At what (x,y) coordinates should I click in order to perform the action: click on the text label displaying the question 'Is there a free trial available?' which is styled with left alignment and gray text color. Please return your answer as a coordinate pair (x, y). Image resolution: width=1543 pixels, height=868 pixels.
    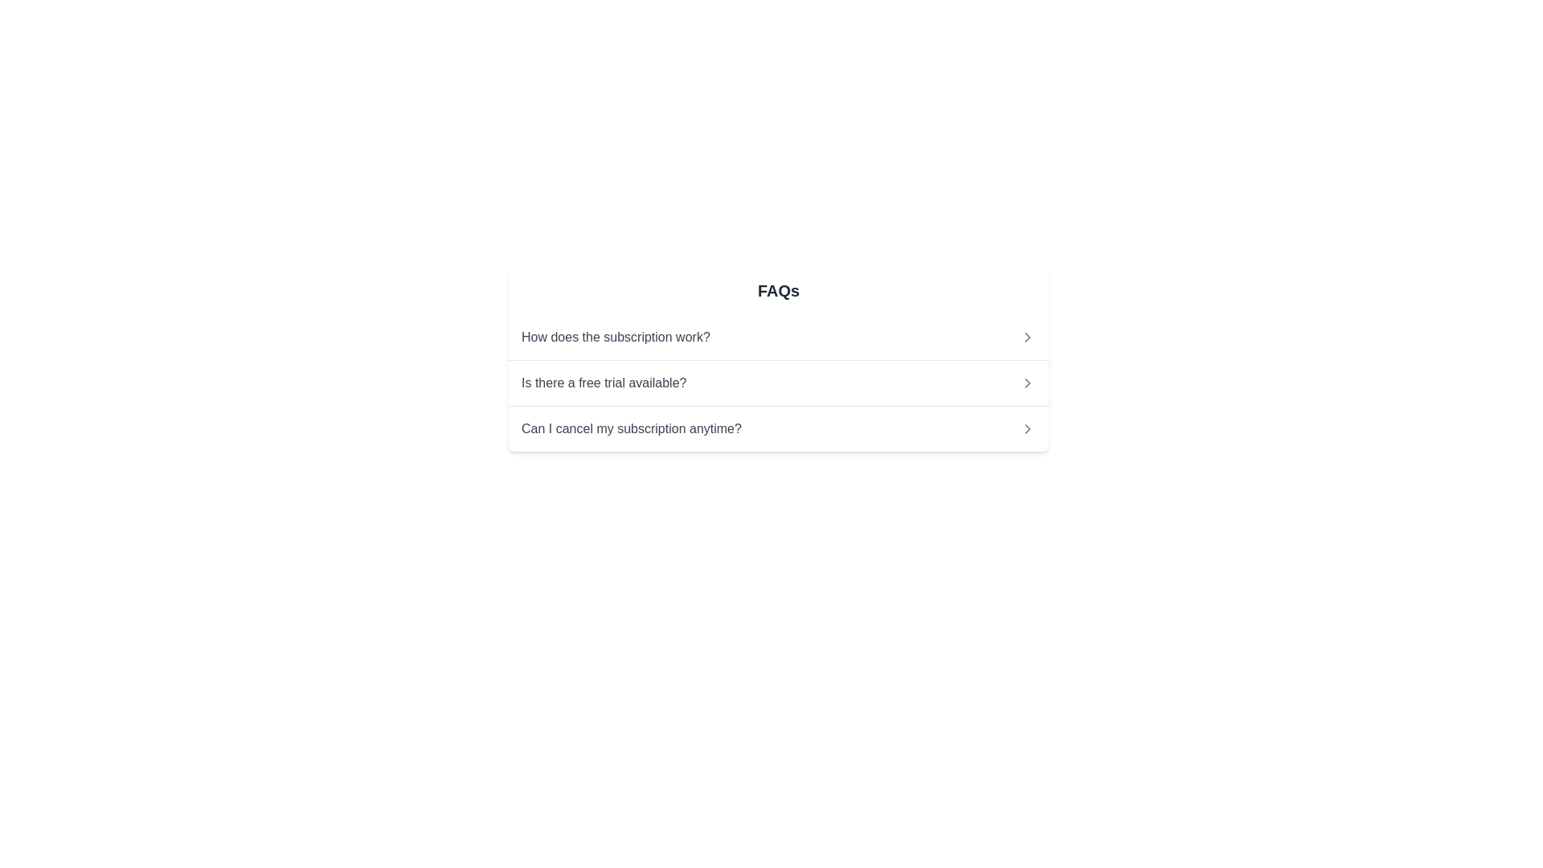
    Looking at the image, I should click on (603, 383).